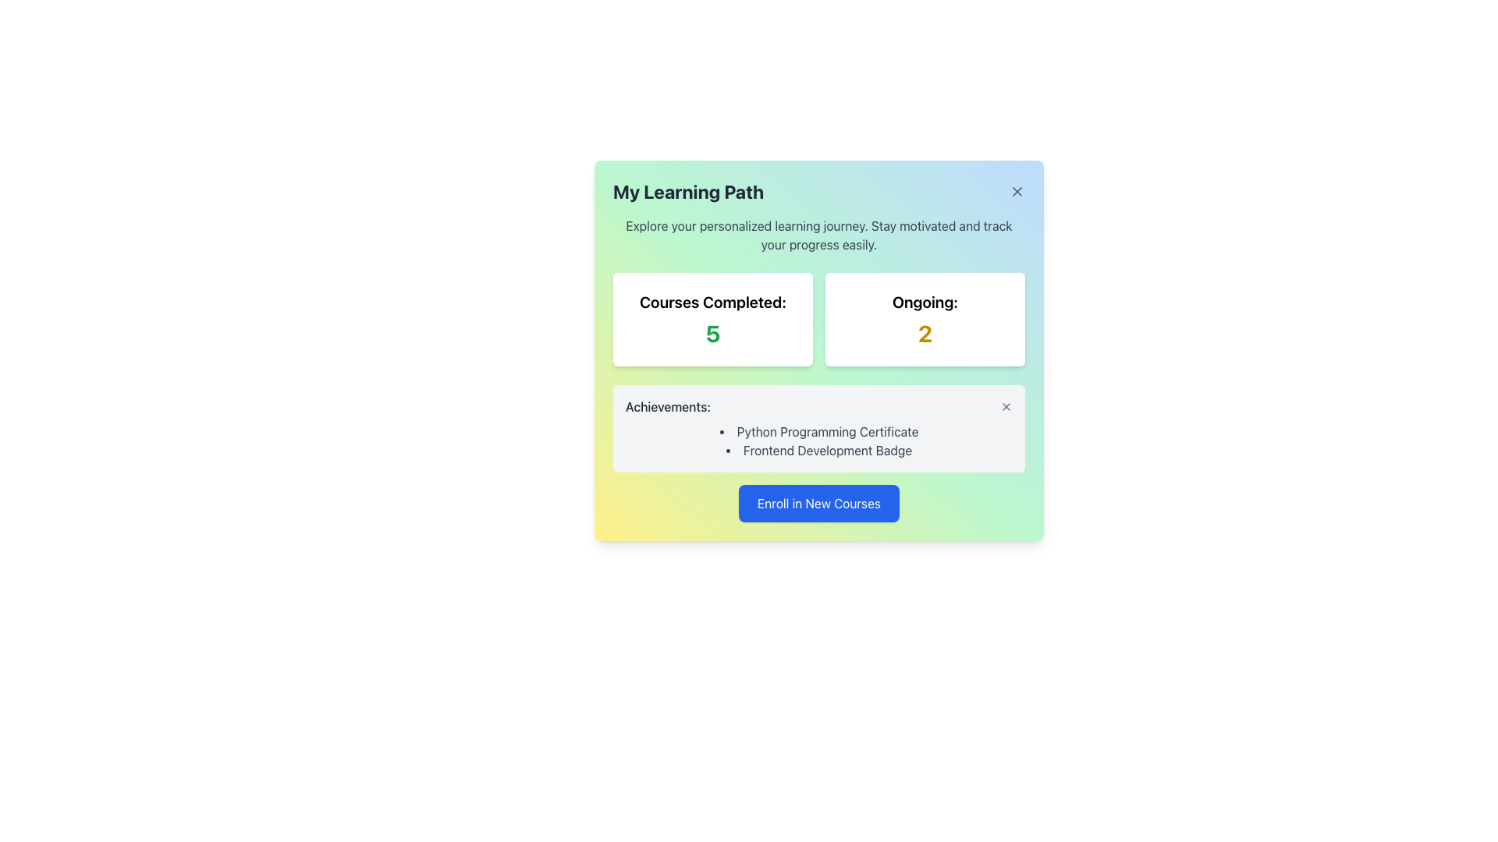  I want to click on the rectangular button with a blue background and white text reading 'Enroll in New Courses' to trigger the hover effect that darkens the blue, so click(818, 503).